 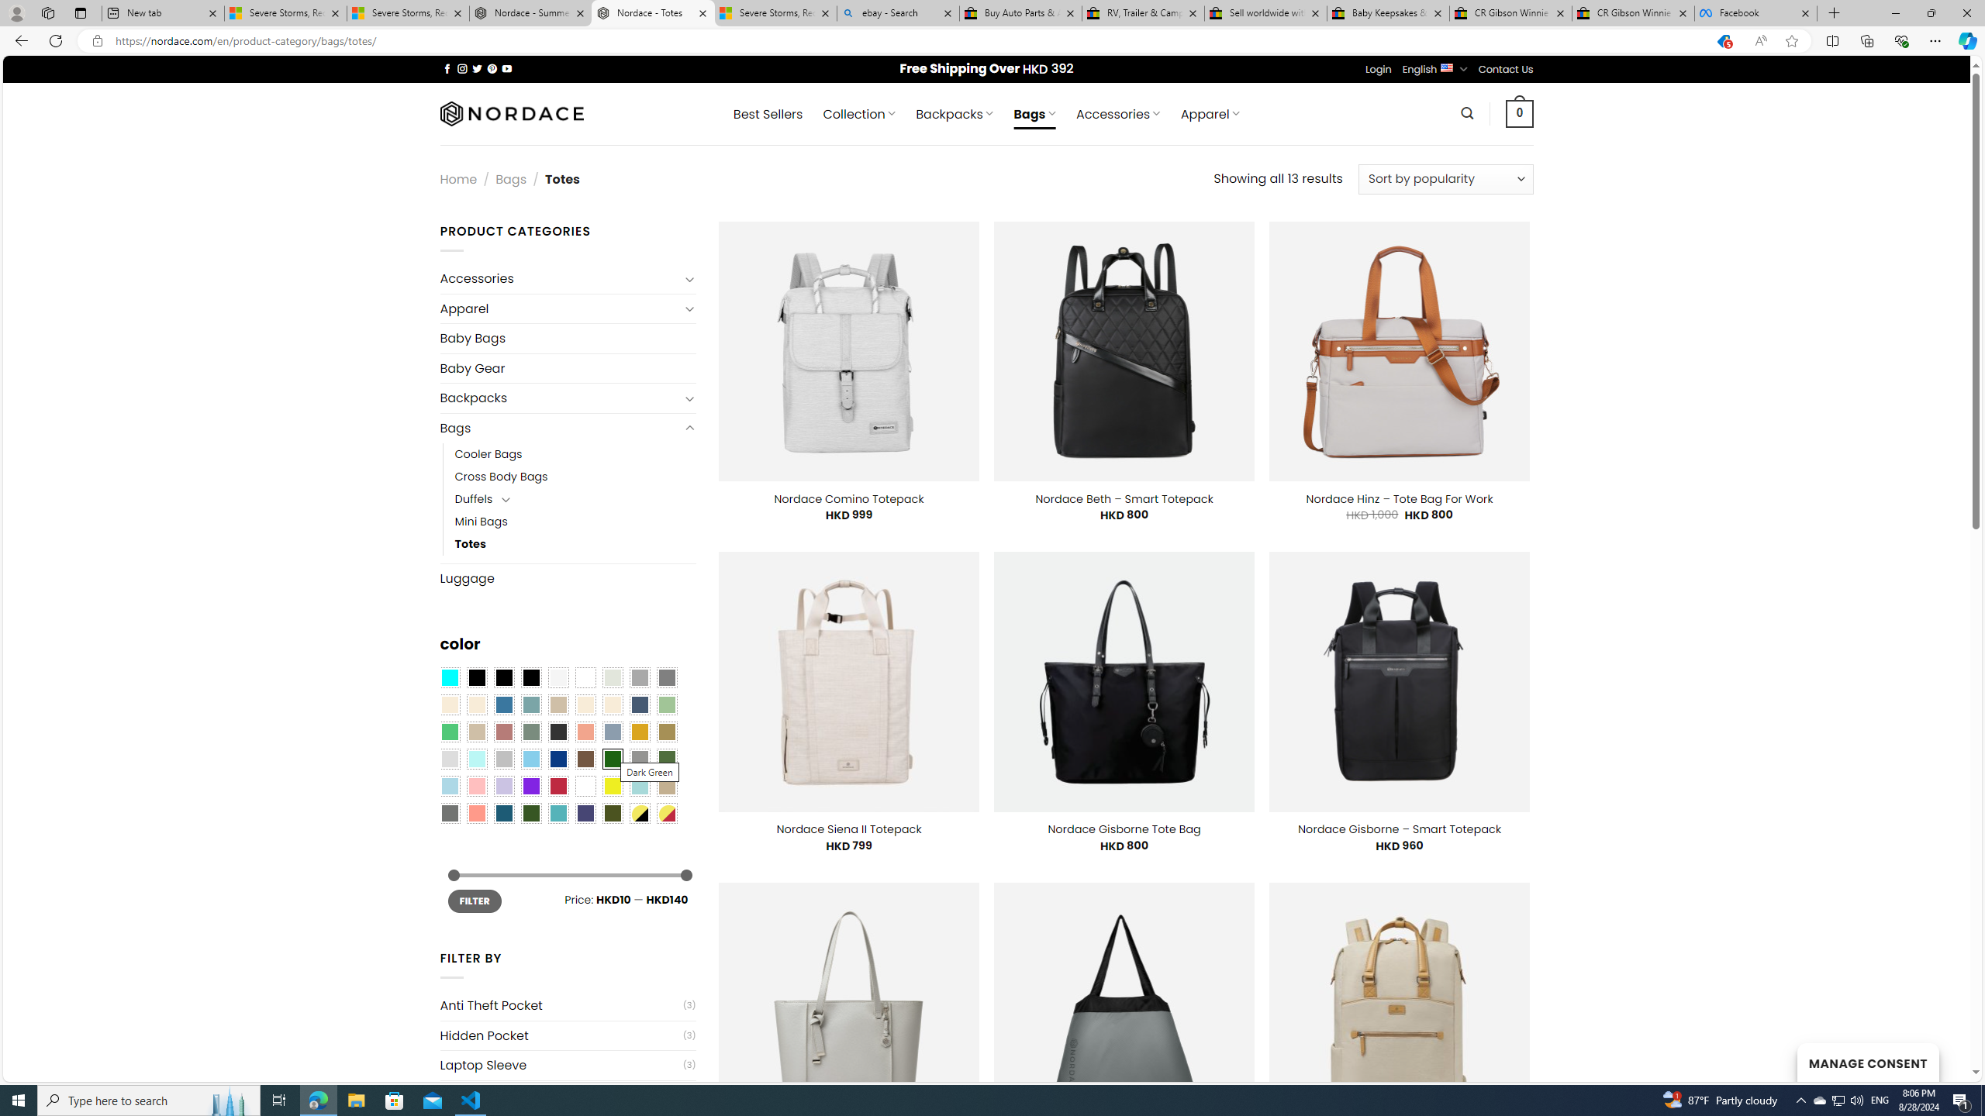 I want to click on 'Duffels', so click(x=473, y=498).